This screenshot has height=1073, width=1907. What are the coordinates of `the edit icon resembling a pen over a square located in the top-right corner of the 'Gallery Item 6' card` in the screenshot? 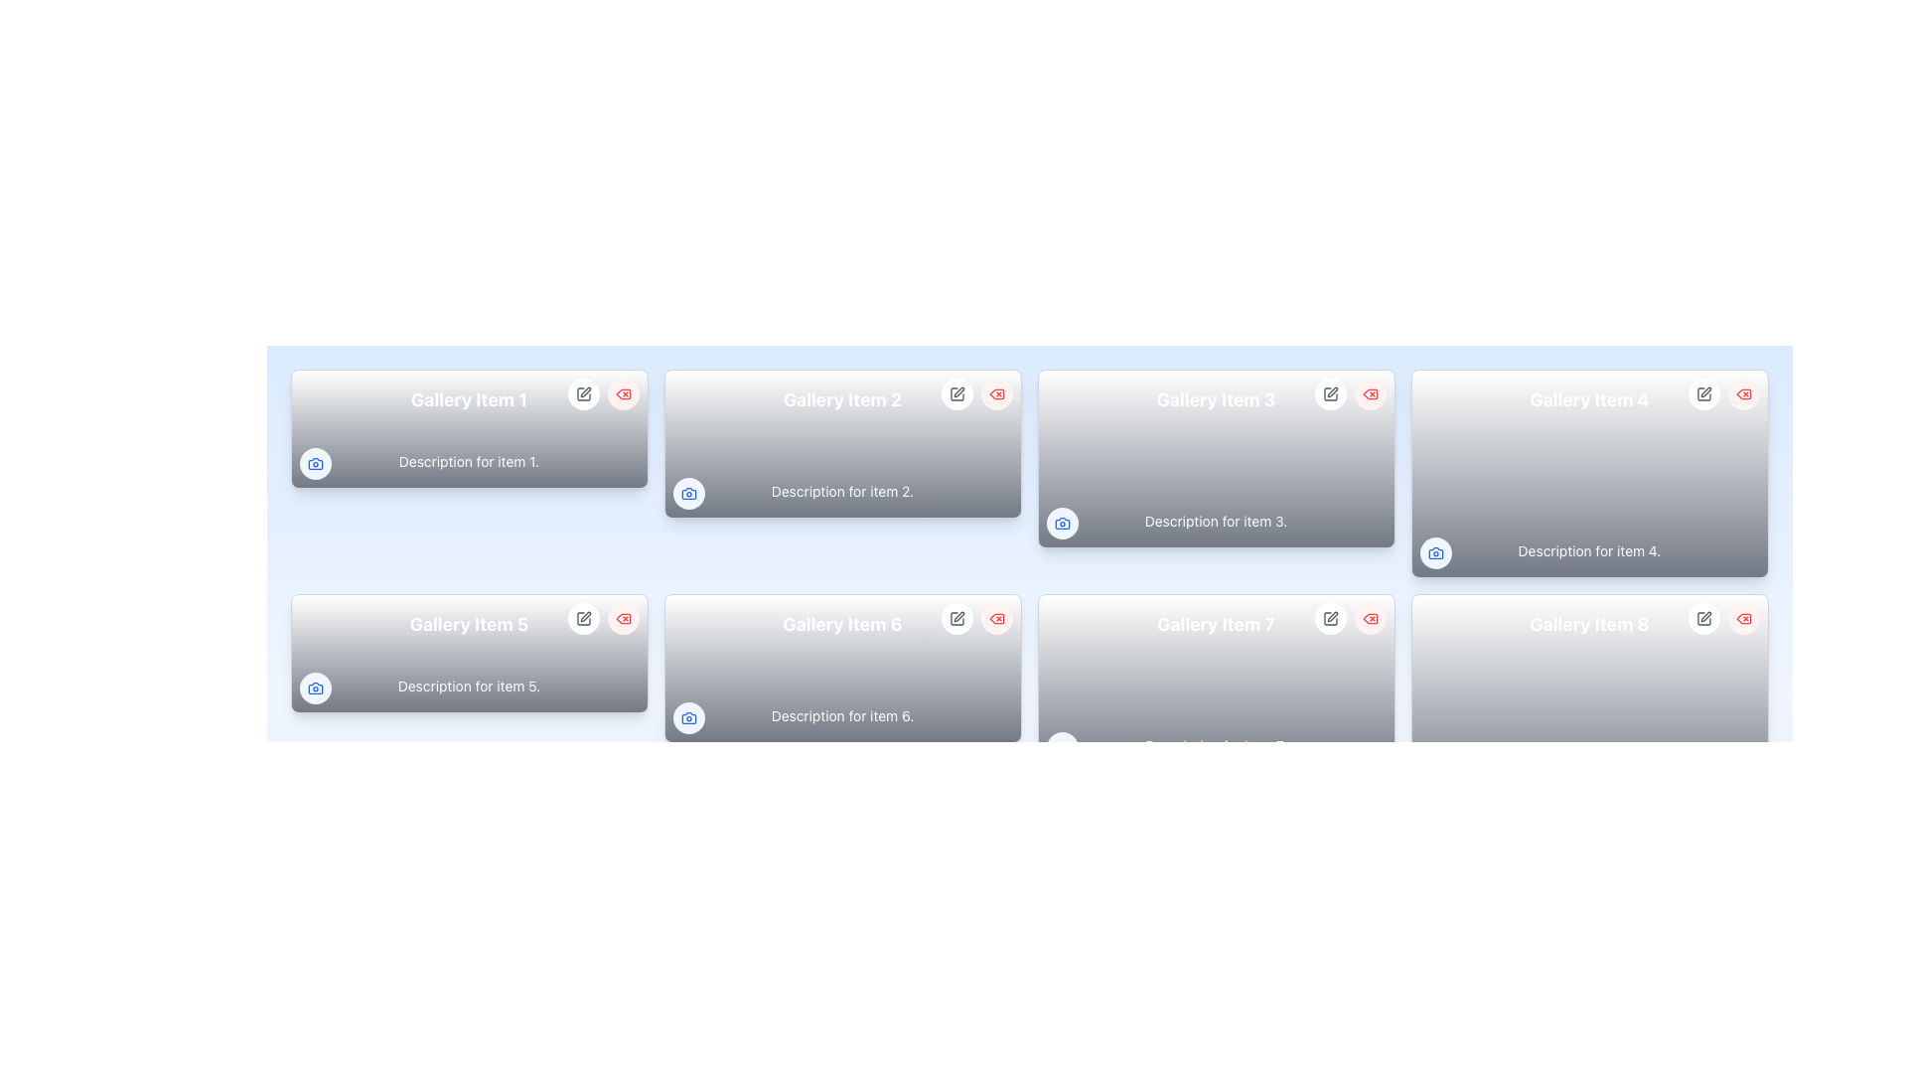 It's located at (958, 616).